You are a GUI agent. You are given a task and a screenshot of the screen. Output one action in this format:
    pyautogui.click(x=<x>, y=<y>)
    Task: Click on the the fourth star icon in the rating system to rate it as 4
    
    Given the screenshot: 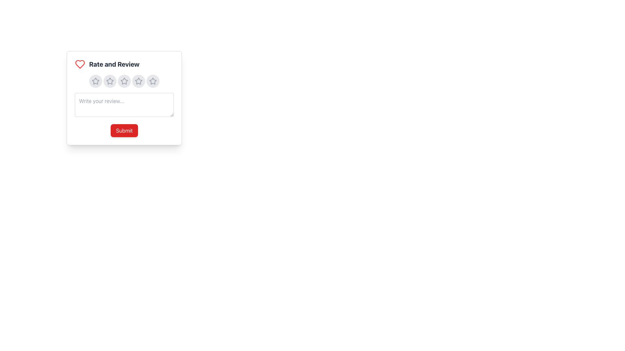 What is the action you would take?
    pyautogui.click(x=138, y=81)
    